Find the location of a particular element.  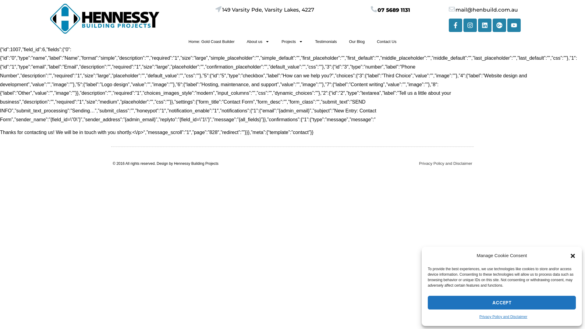

'Youtube' is located at coordinates (513, 24).